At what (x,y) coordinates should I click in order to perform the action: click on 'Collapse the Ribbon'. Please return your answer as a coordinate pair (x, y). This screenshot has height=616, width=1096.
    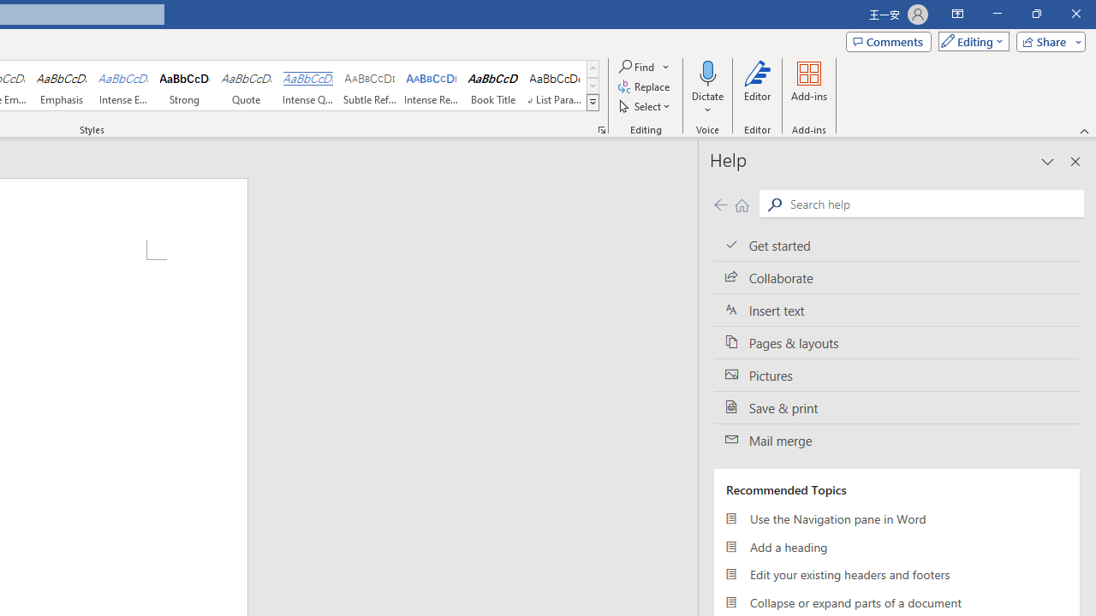
    Looking at the image, I should click on (1084, 130).